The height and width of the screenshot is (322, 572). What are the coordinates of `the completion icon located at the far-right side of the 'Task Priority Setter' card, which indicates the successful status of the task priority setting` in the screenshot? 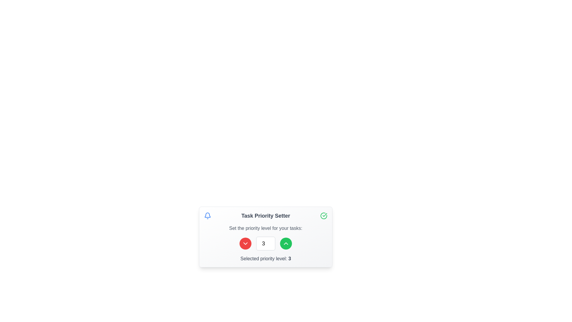 It's located at (323, 216).